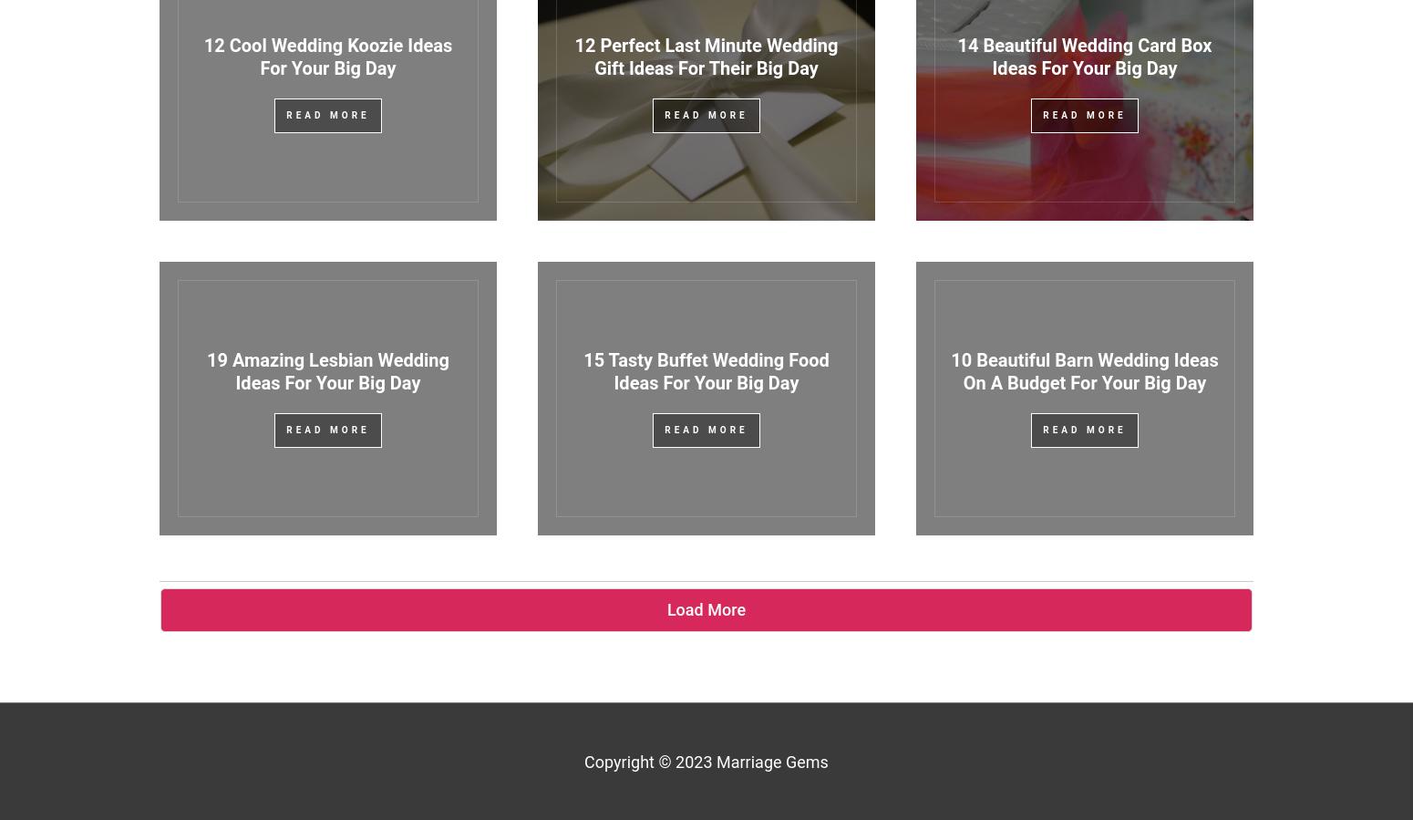 This screenshot has height=820, width=1413. I want to click on '10 Beautiful Barn Wedding Ideas On A Budget For Your Big Day', so click(950, 370).